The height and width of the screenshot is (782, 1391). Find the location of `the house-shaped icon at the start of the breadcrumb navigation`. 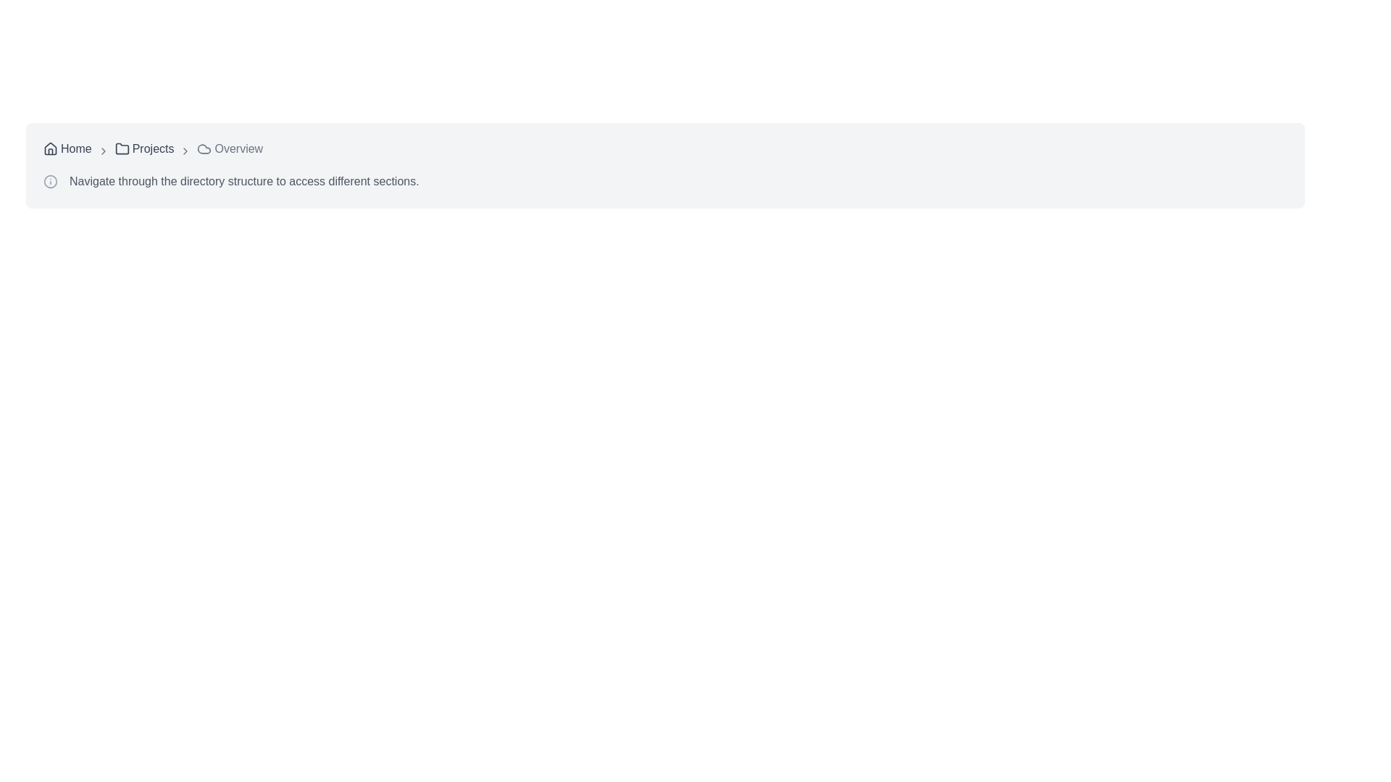

the house-shaped icon at the start of the breadcrumb navigation is located at coordinates (51, 148).